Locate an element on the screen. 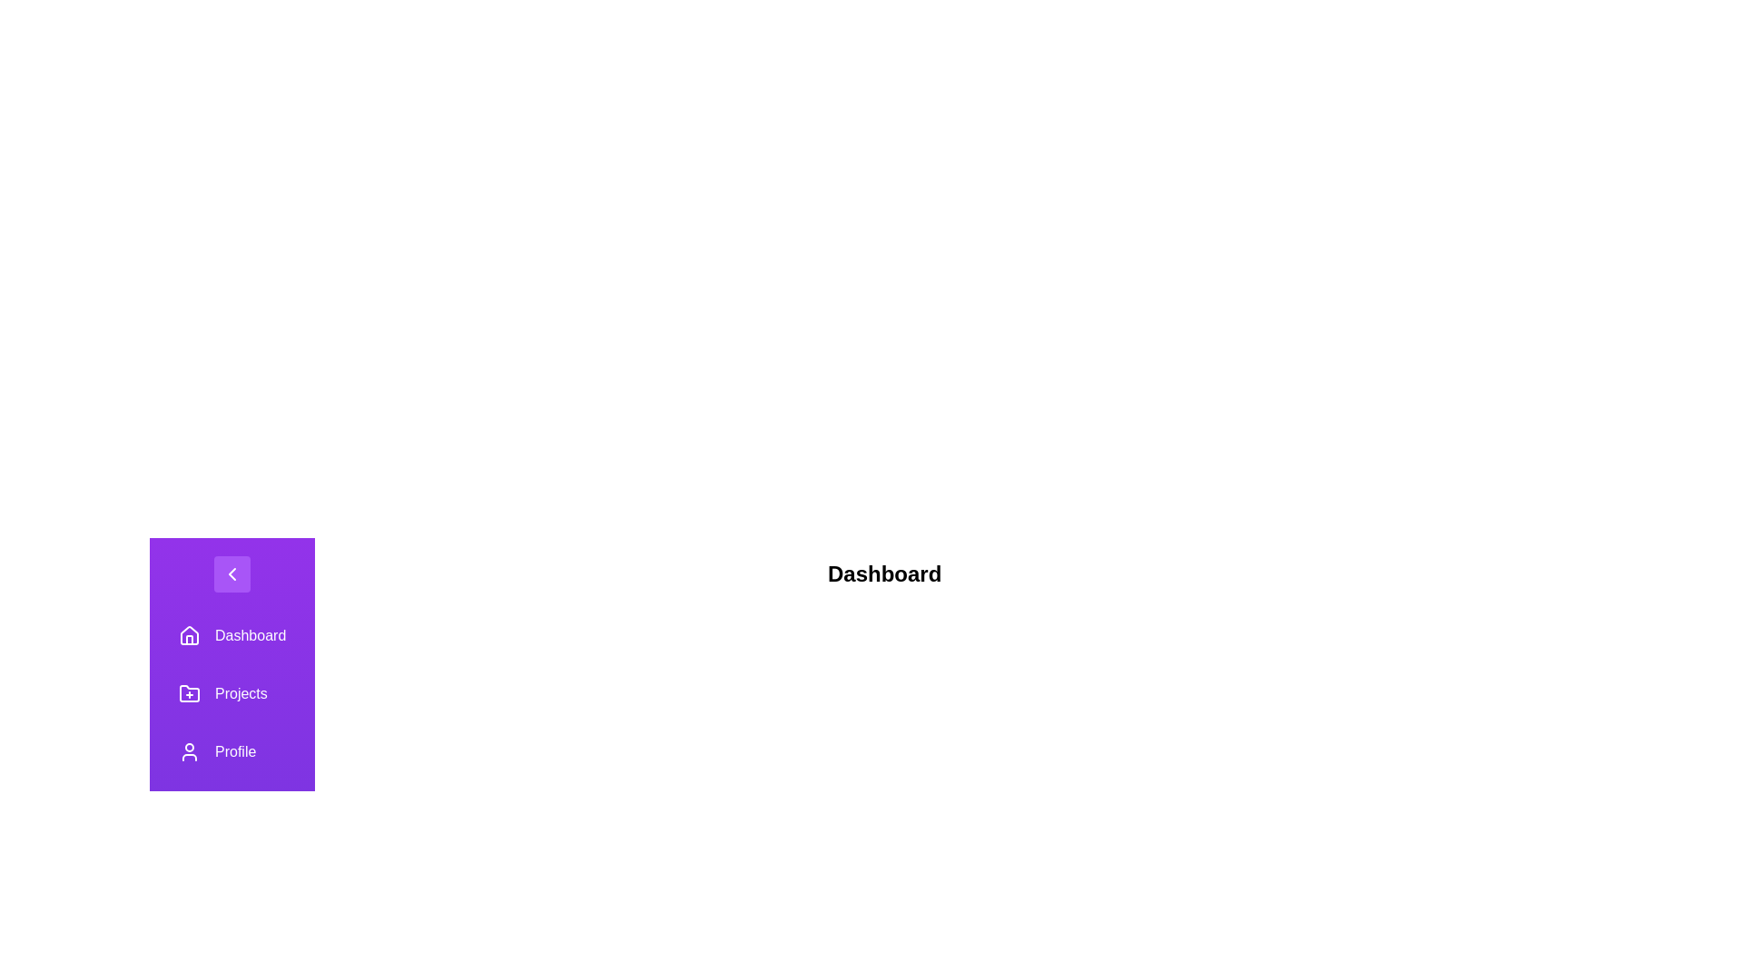 This screenshot has width=1743, height=980. the 'Projects' text label is located at coordinates (240, 693).